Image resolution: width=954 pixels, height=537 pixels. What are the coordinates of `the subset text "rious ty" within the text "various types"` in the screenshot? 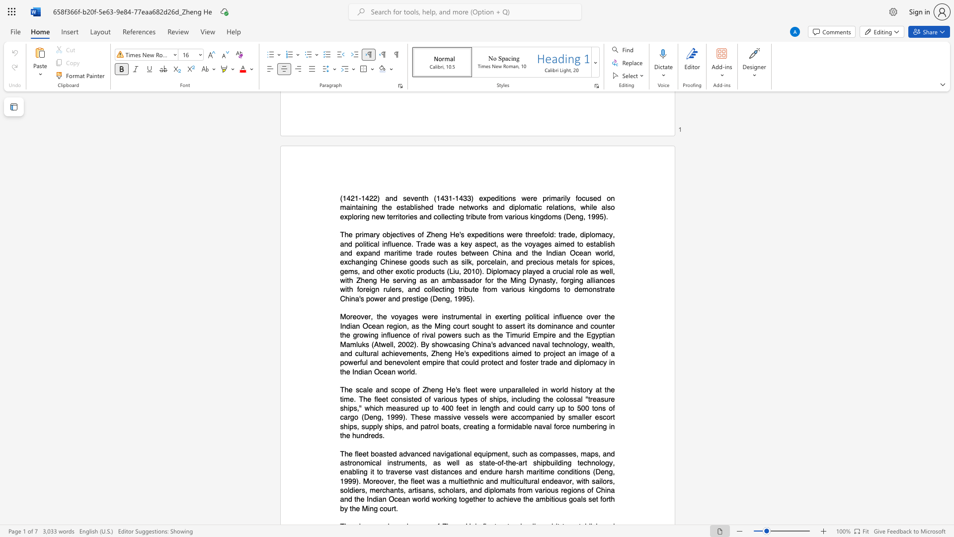 It's located at (441, 398).